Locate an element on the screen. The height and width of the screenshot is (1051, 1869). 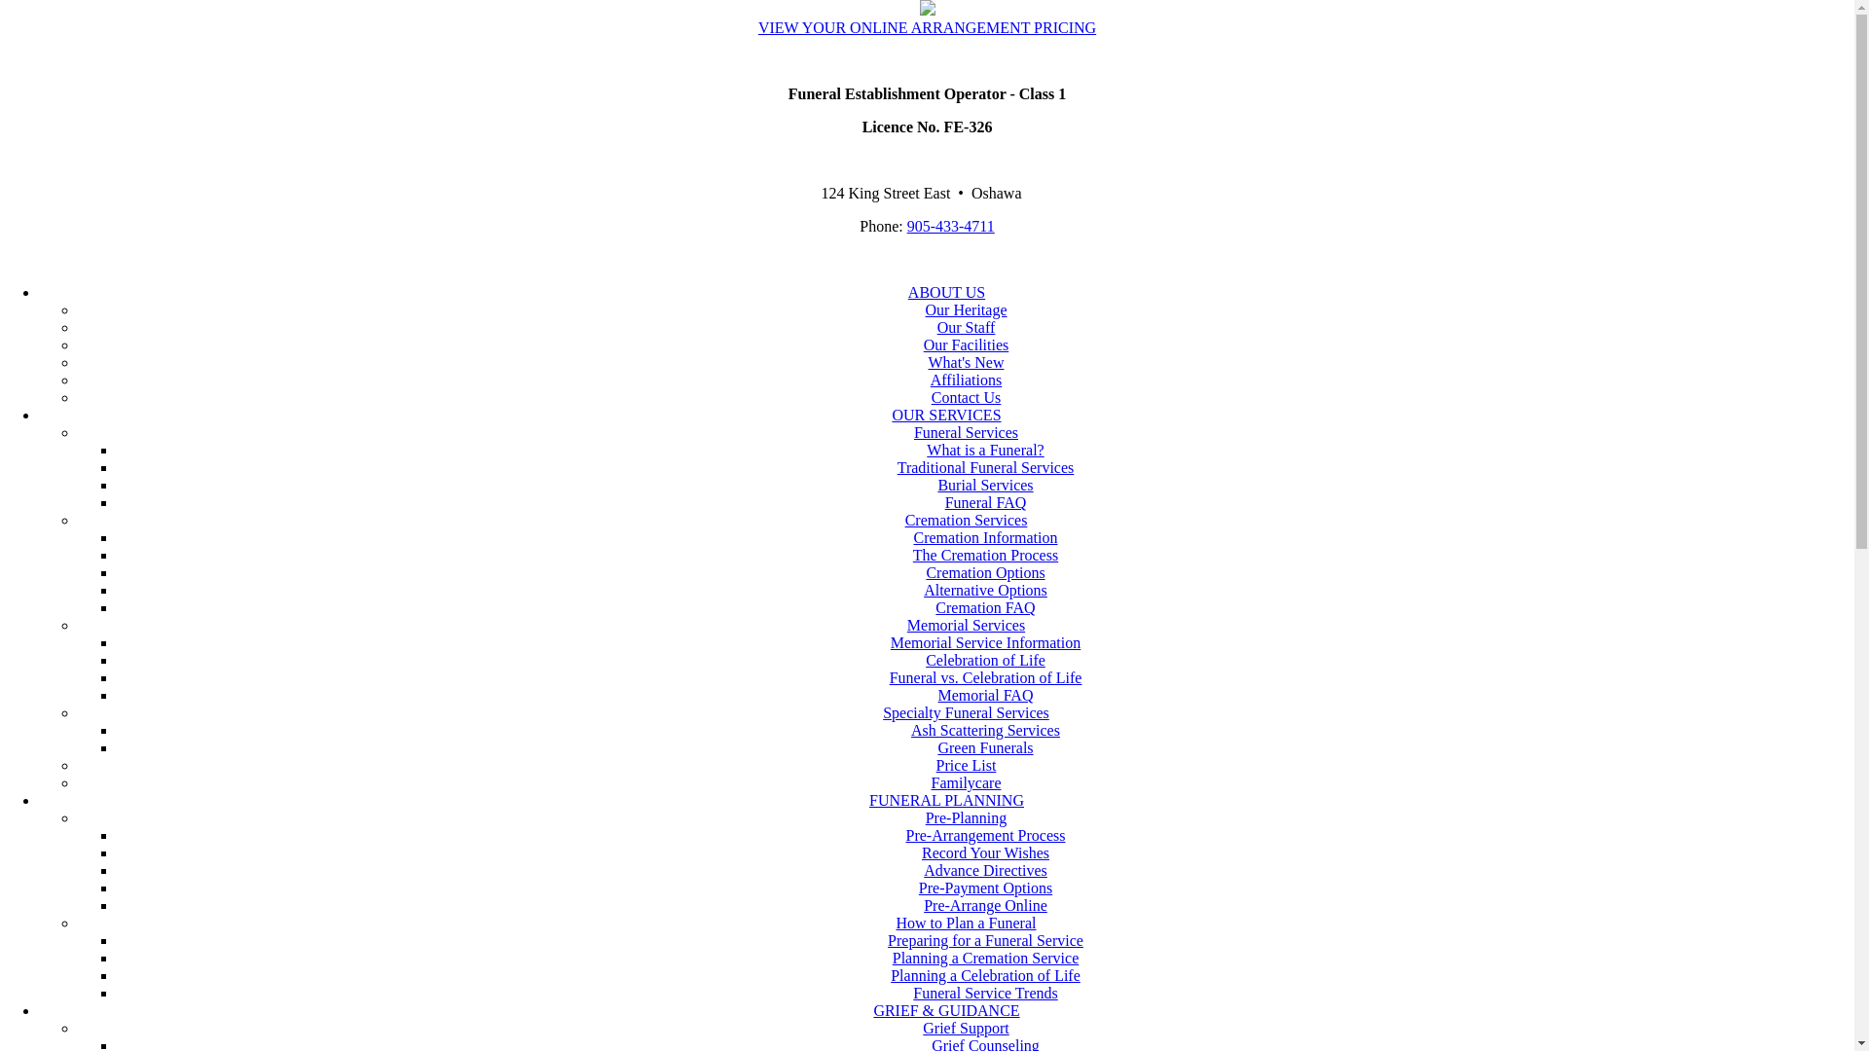
'Familycare' is located at coordinates (930, 781).